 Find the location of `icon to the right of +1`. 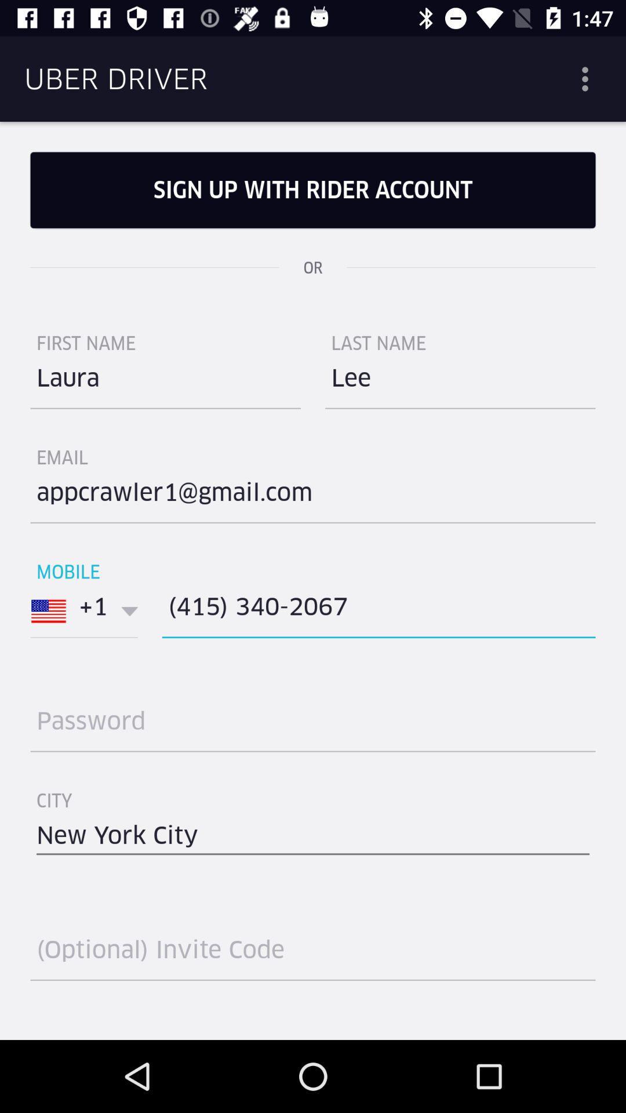

icon to the right of +1 is located at coordinates (378, 610).